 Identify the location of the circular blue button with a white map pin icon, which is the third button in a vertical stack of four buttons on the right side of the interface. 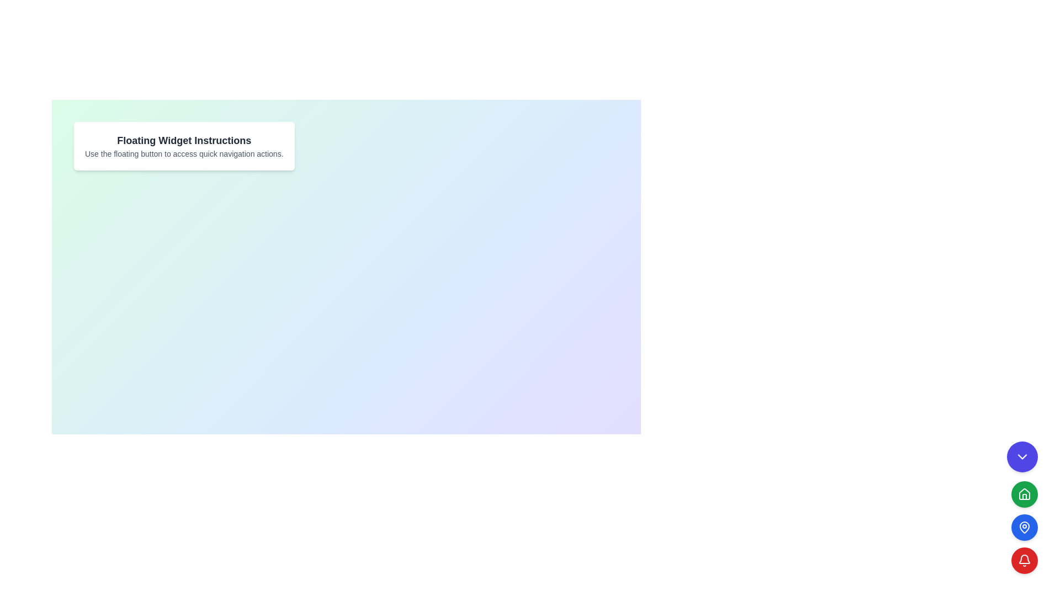
(1024, 527).